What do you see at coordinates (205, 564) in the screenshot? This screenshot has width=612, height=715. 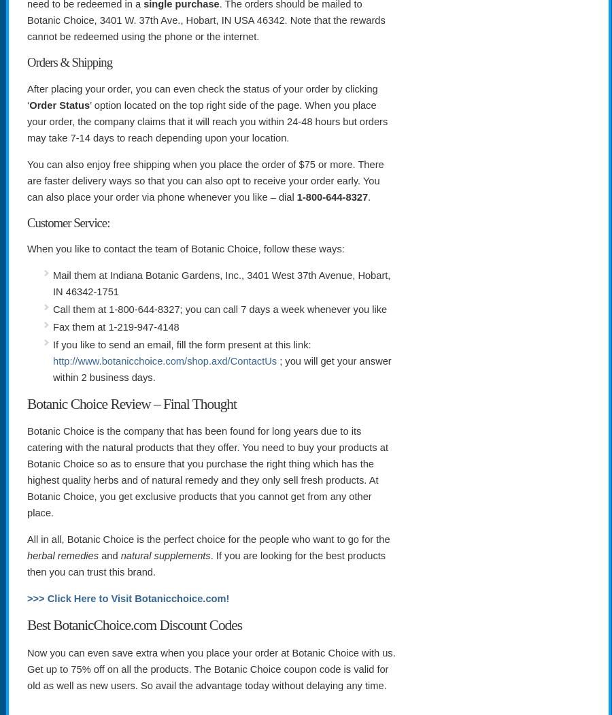 I see `'. If you are looking for the best products then you can trust this brand.'` at bounding box center [205, 564].